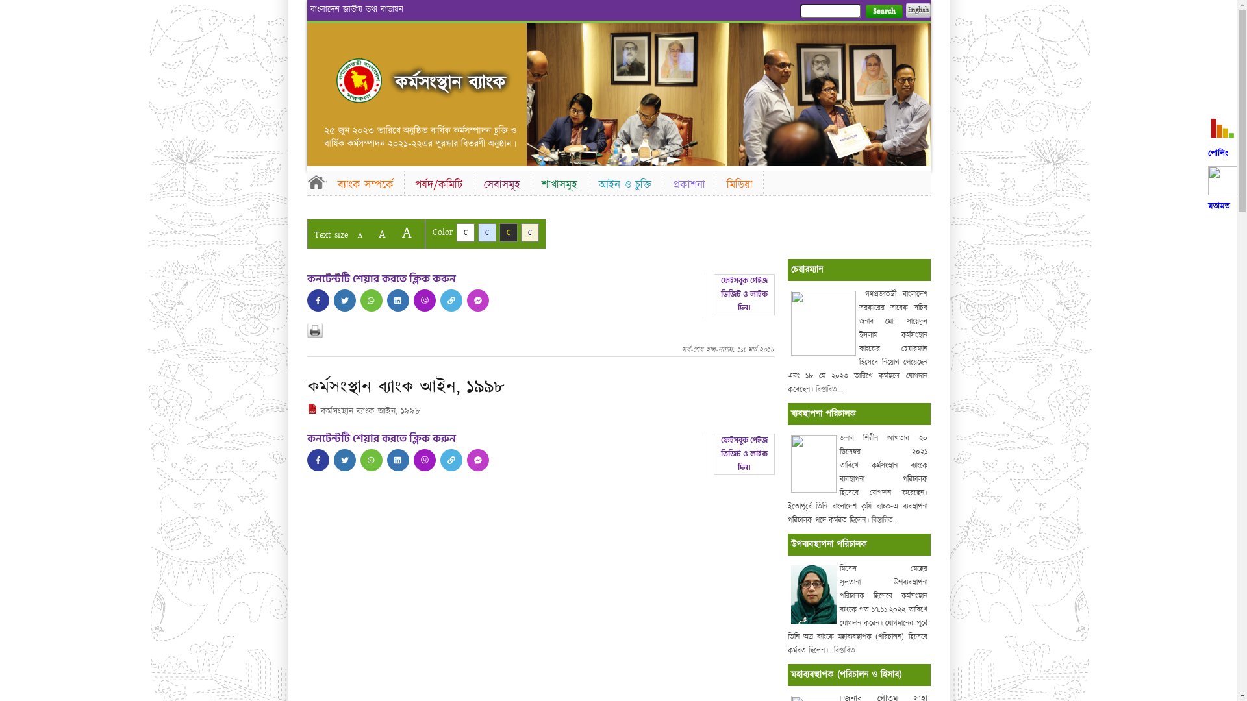 This screenshot has height=701, width=1247. What do you see at coordinates (864, 11) in the screenshot?
I see `'Search'` at bounding box center [864, 11].